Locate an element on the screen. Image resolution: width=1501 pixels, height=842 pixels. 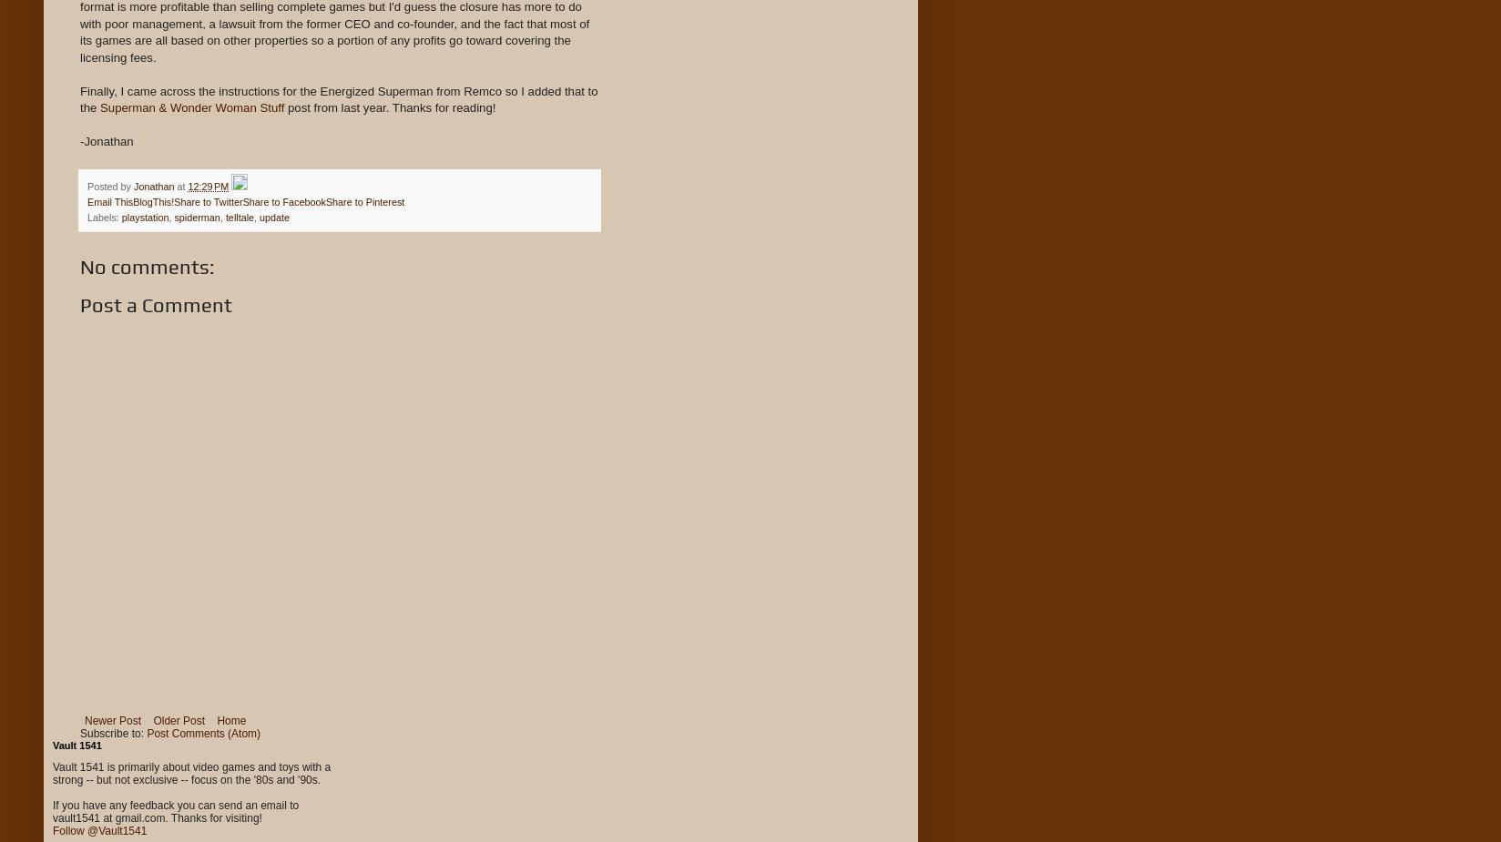
'Finally, I came across the instructions for the Energized Superman from Remco so I added that to the' is located at coordinates (337, 97).